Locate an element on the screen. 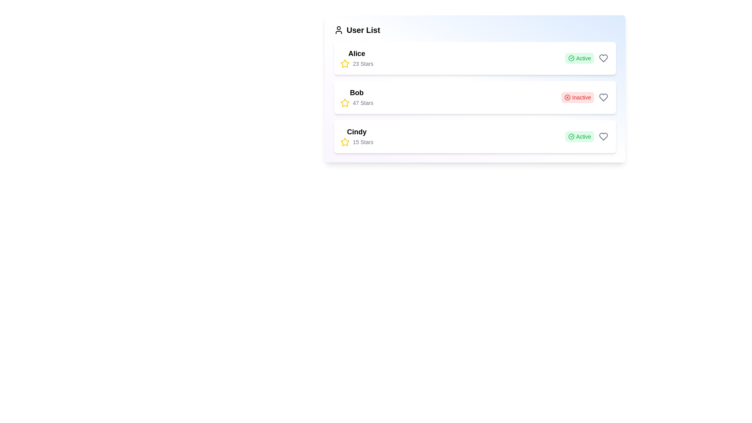 This screenshot has height=423, width=752. the heart icon for Bob to like the user is located at coordinates (603, 97).